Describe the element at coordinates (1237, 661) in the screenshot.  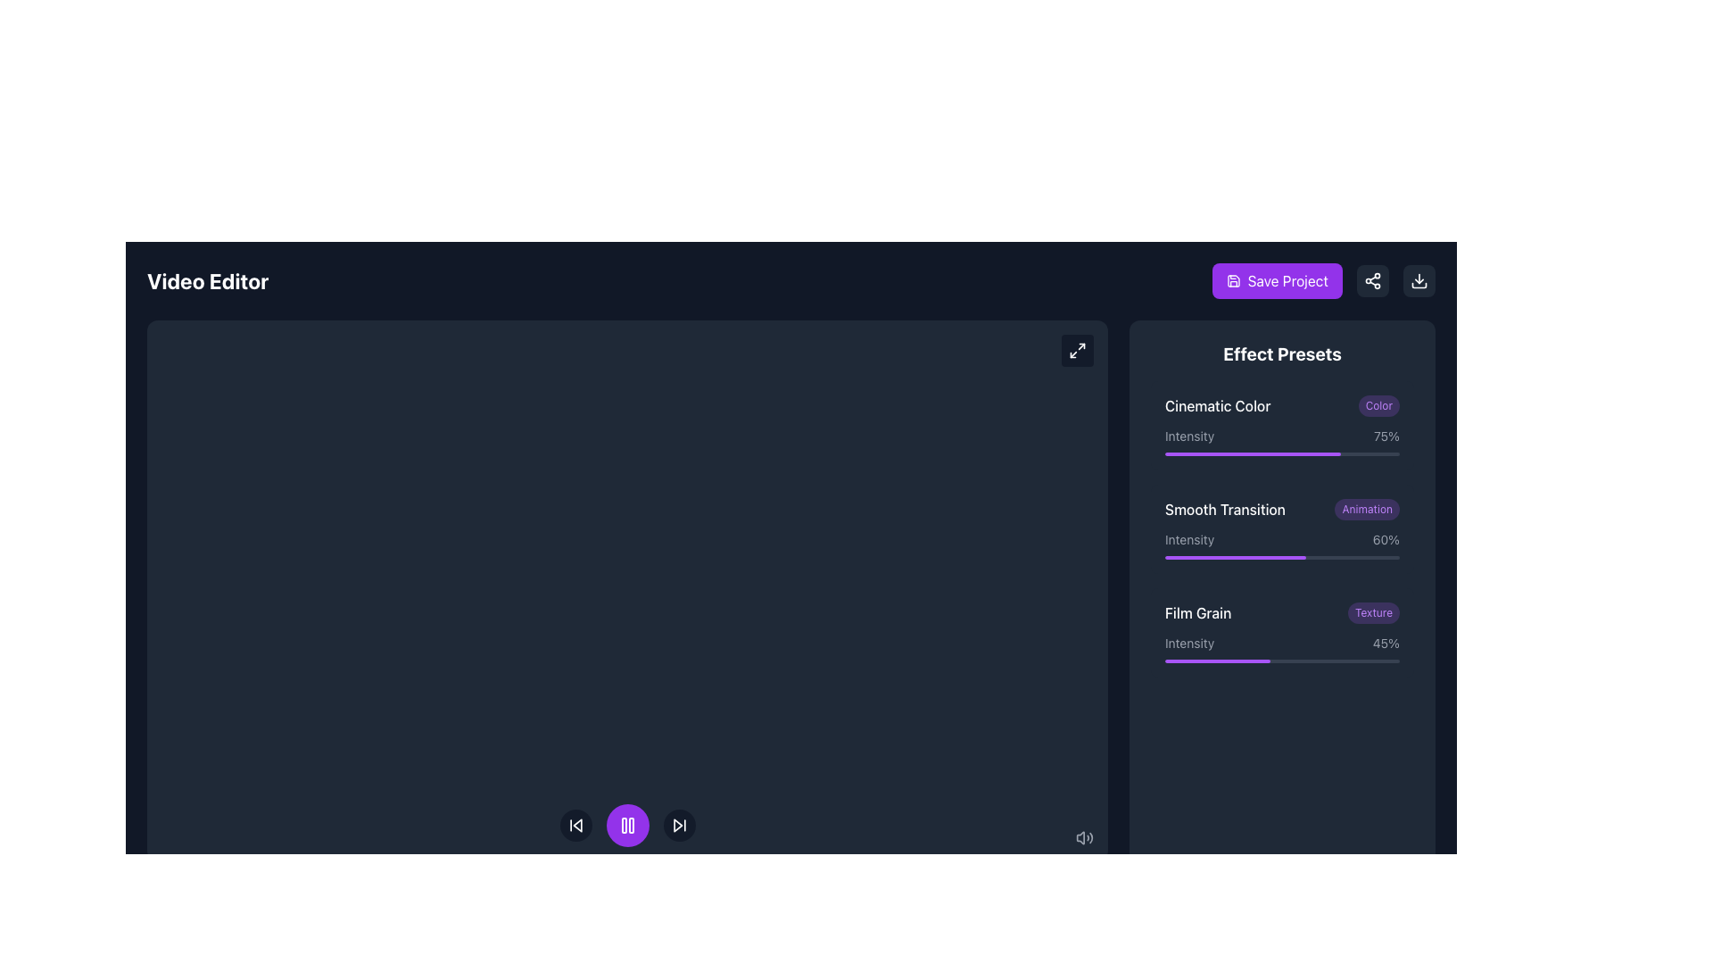
I see `the intensity slider` at that location.